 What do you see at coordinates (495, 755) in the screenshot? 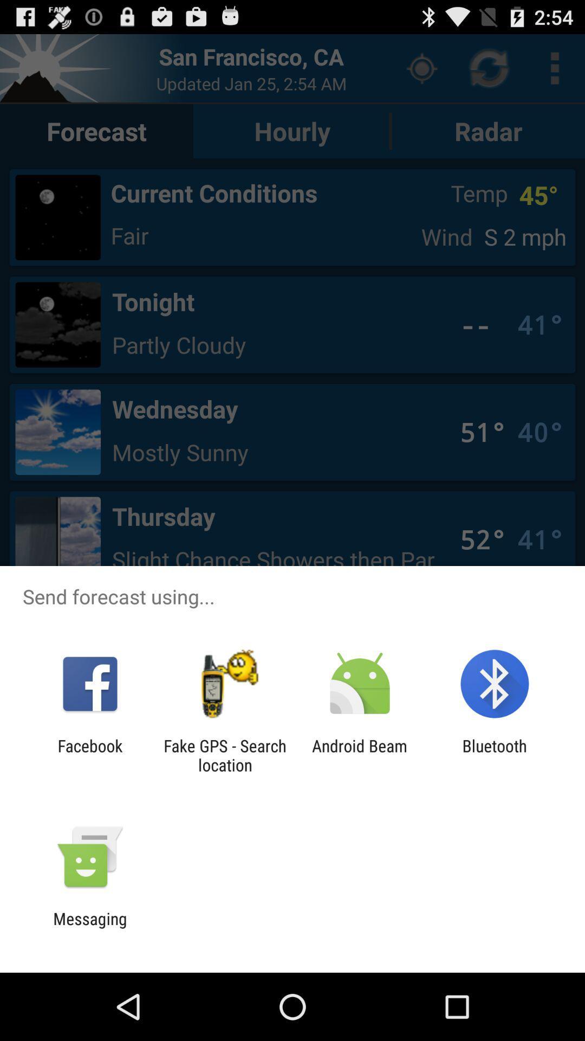
I see `the icon to the right of android beam` at bounding box center [495, 755].